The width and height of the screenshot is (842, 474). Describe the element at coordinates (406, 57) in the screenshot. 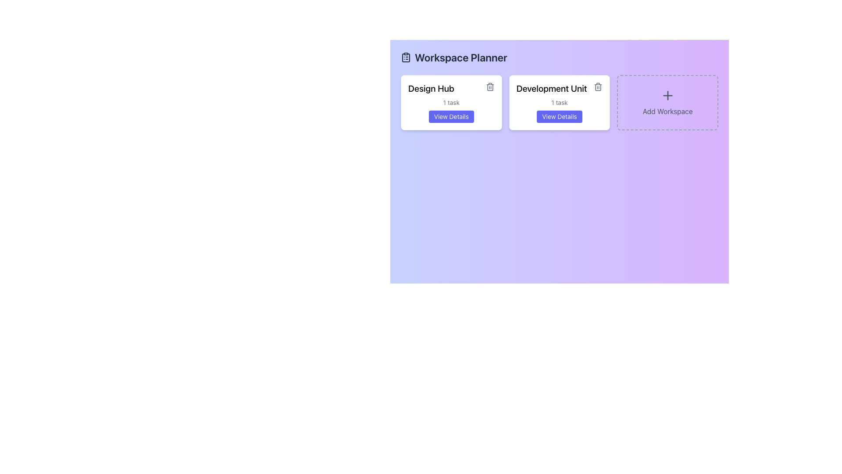

I see `the clipboard icon located at the top-left area of the interface, next to the 'Workspace Planner' text, which signifies notes or tasks` at that location.